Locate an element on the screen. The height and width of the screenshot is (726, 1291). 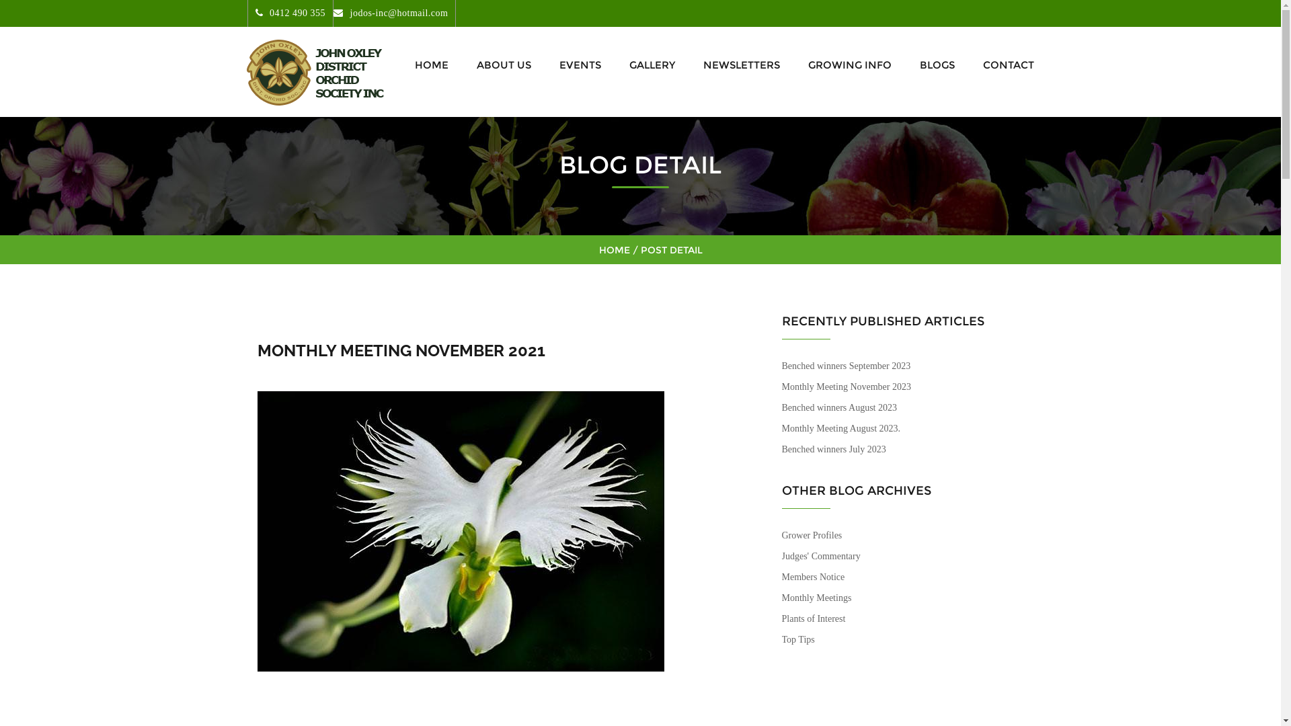
'HOME' is located at coordinates (431, 65).